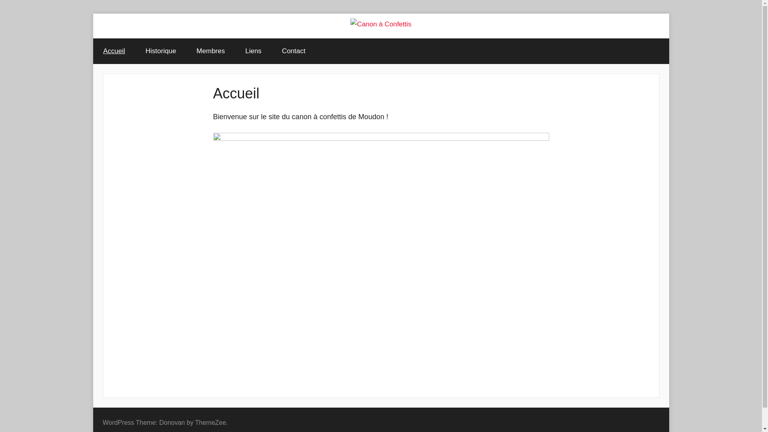  I want to click on 'Historique', so click(160, 51).